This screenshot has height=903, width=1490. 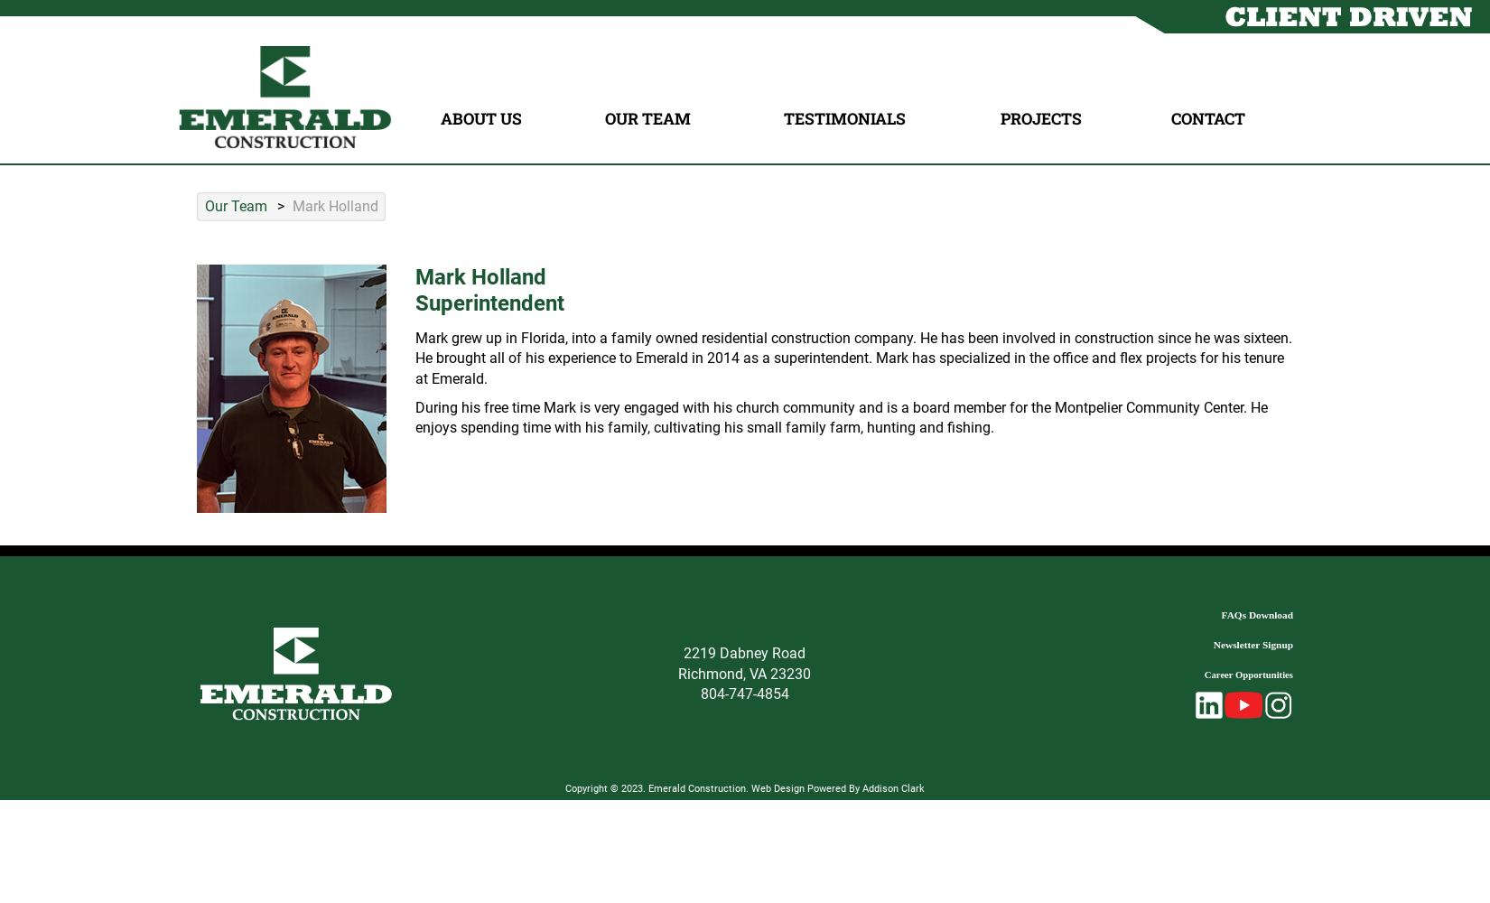 What do you see at coordinates (677, 672) in the screenshot?
I see `'Richmond, VA 23230'` at bounding box center [677, 672].